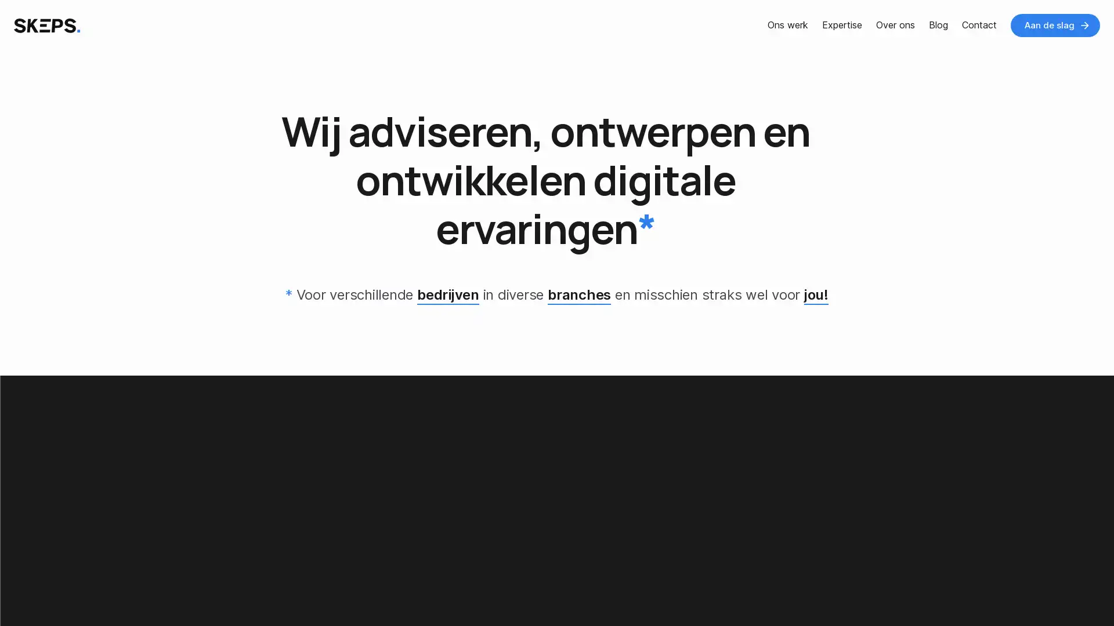  Describe the element at coordinates (117, 593) in the screenshot. I see `Voorkeuren` at that location.